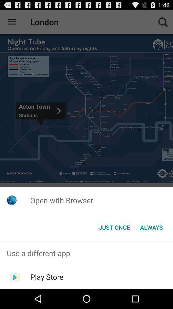  What do you see at coordinates (151, 227) in the screenshot?
I see `always icon` at bounding box center [151, 227].